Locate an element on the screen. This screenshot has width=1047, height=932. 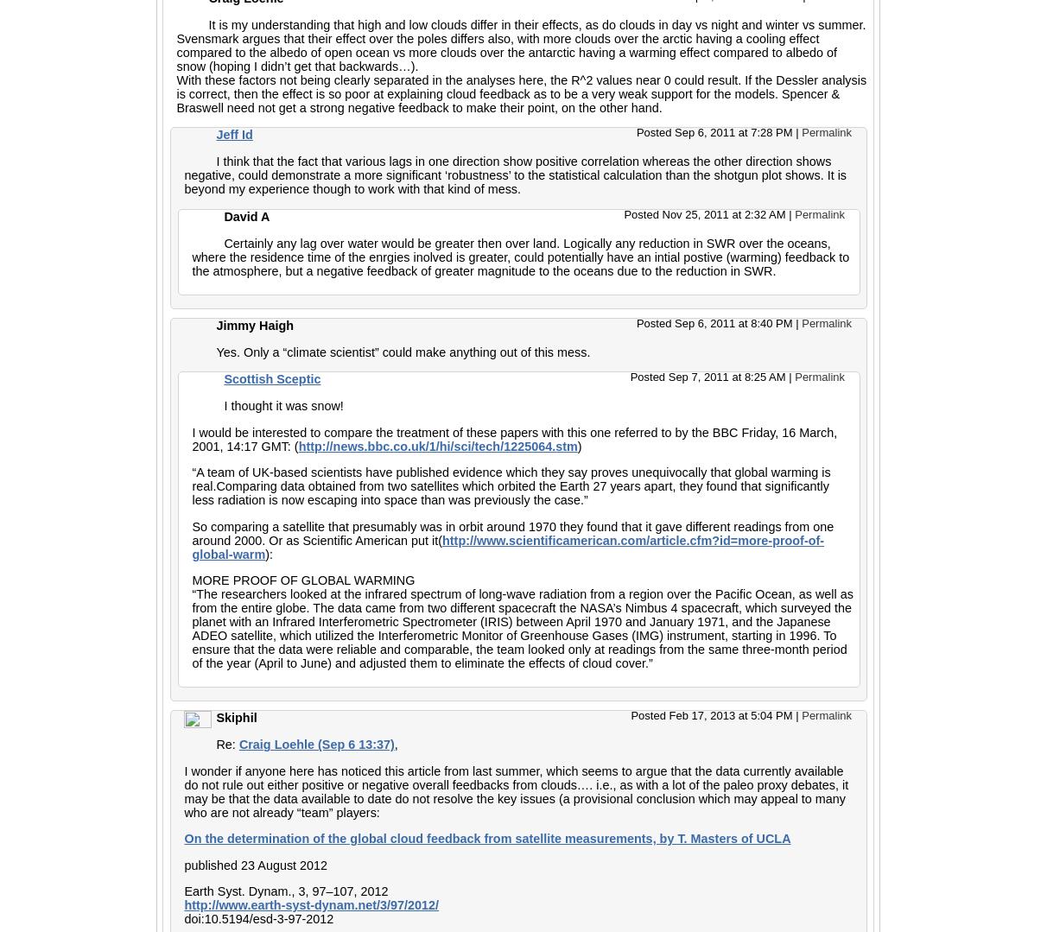
'I would be interested to compare the treatment of these papers with this one referred to by the BBC  Friday, 16 March, 2001, 14:17 GMT: (' is located at coordinates (514, 438).